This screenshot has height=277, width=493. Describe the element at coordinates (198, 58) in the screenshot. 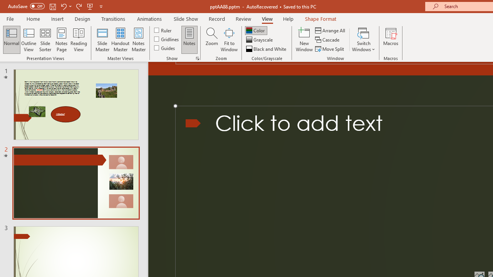

I see `'Grid Settings...'` at that location.